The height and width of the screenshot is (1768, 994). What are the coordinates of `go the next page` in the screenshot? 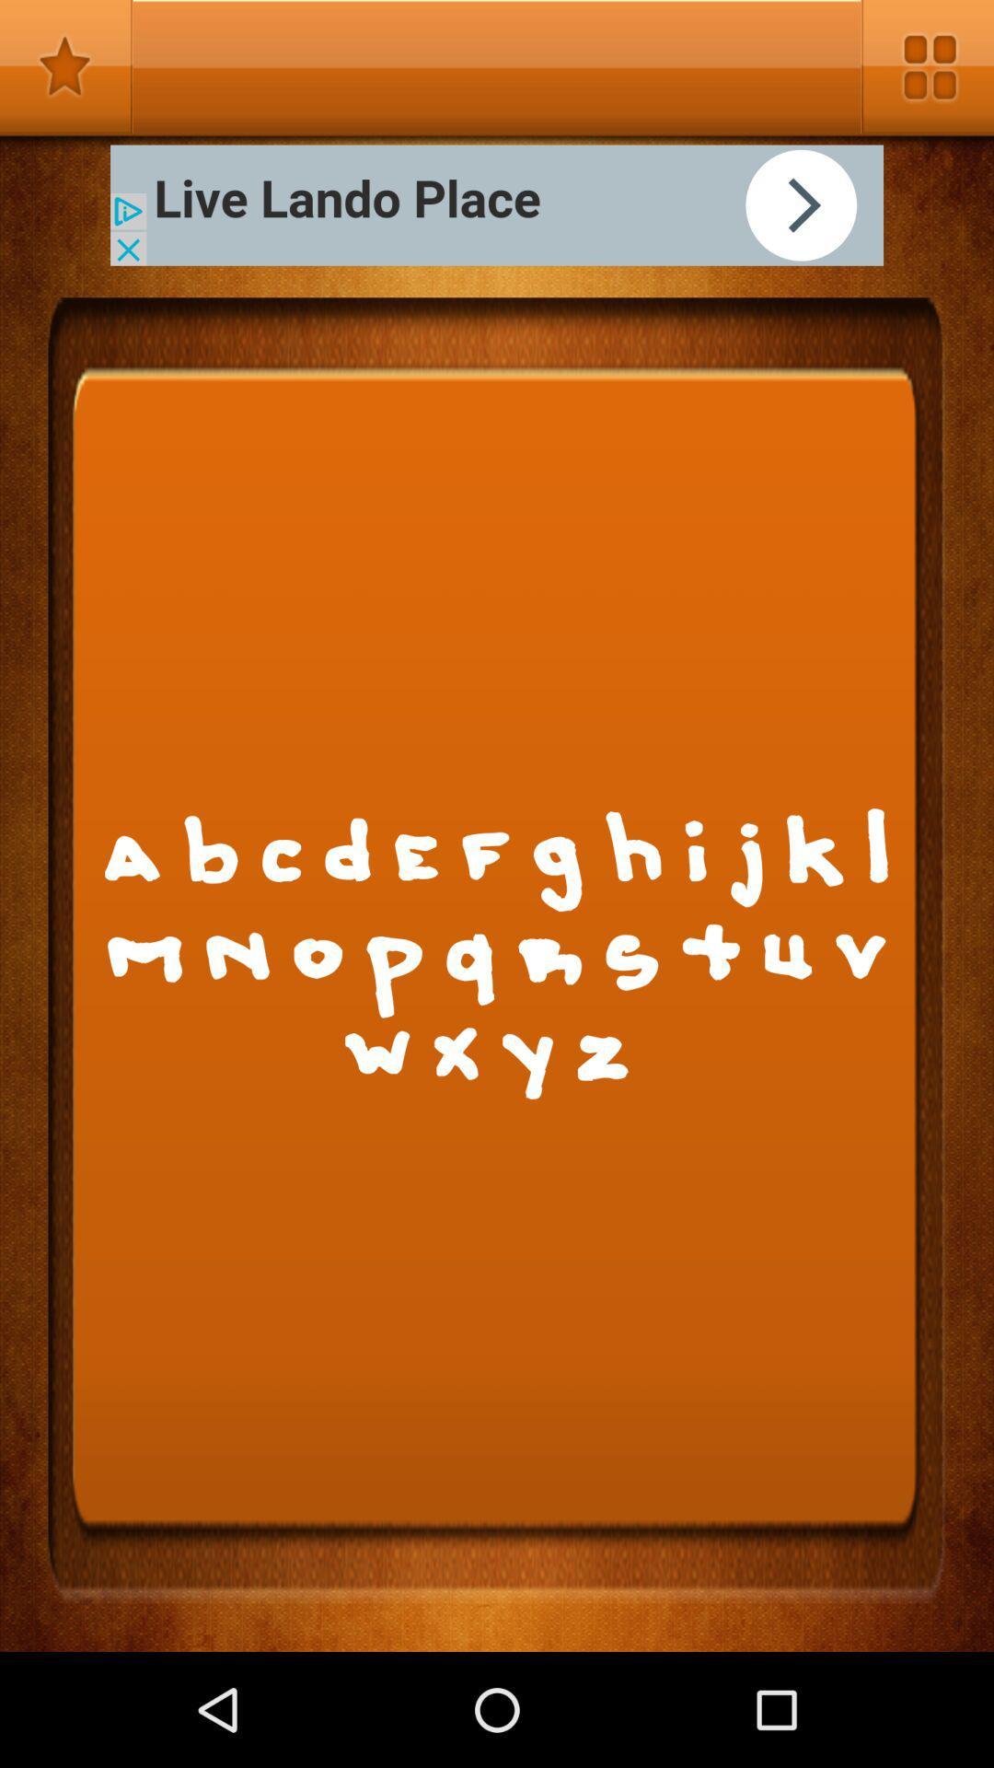 It's located at (497, 205).